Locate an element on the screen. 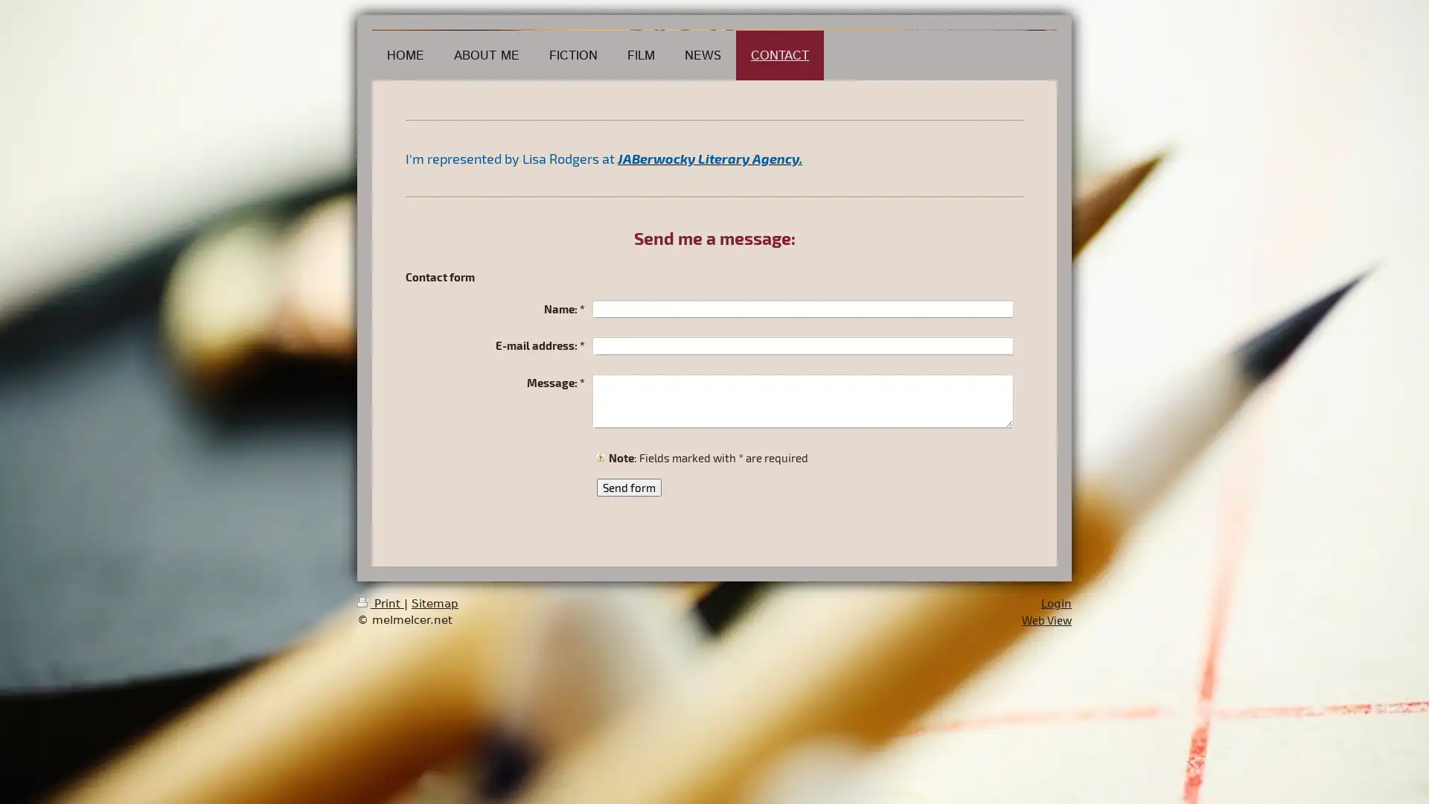 The width and height of the screenshot is (1429, 804). Send form is located at coordinates (629, 488).